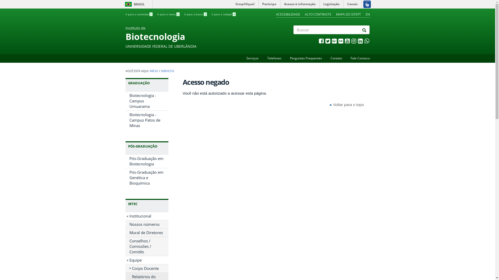 The width and height of the screenshot is (499, 280). I want to click on 'ACESSIBILIDADE', so click(288, 14).